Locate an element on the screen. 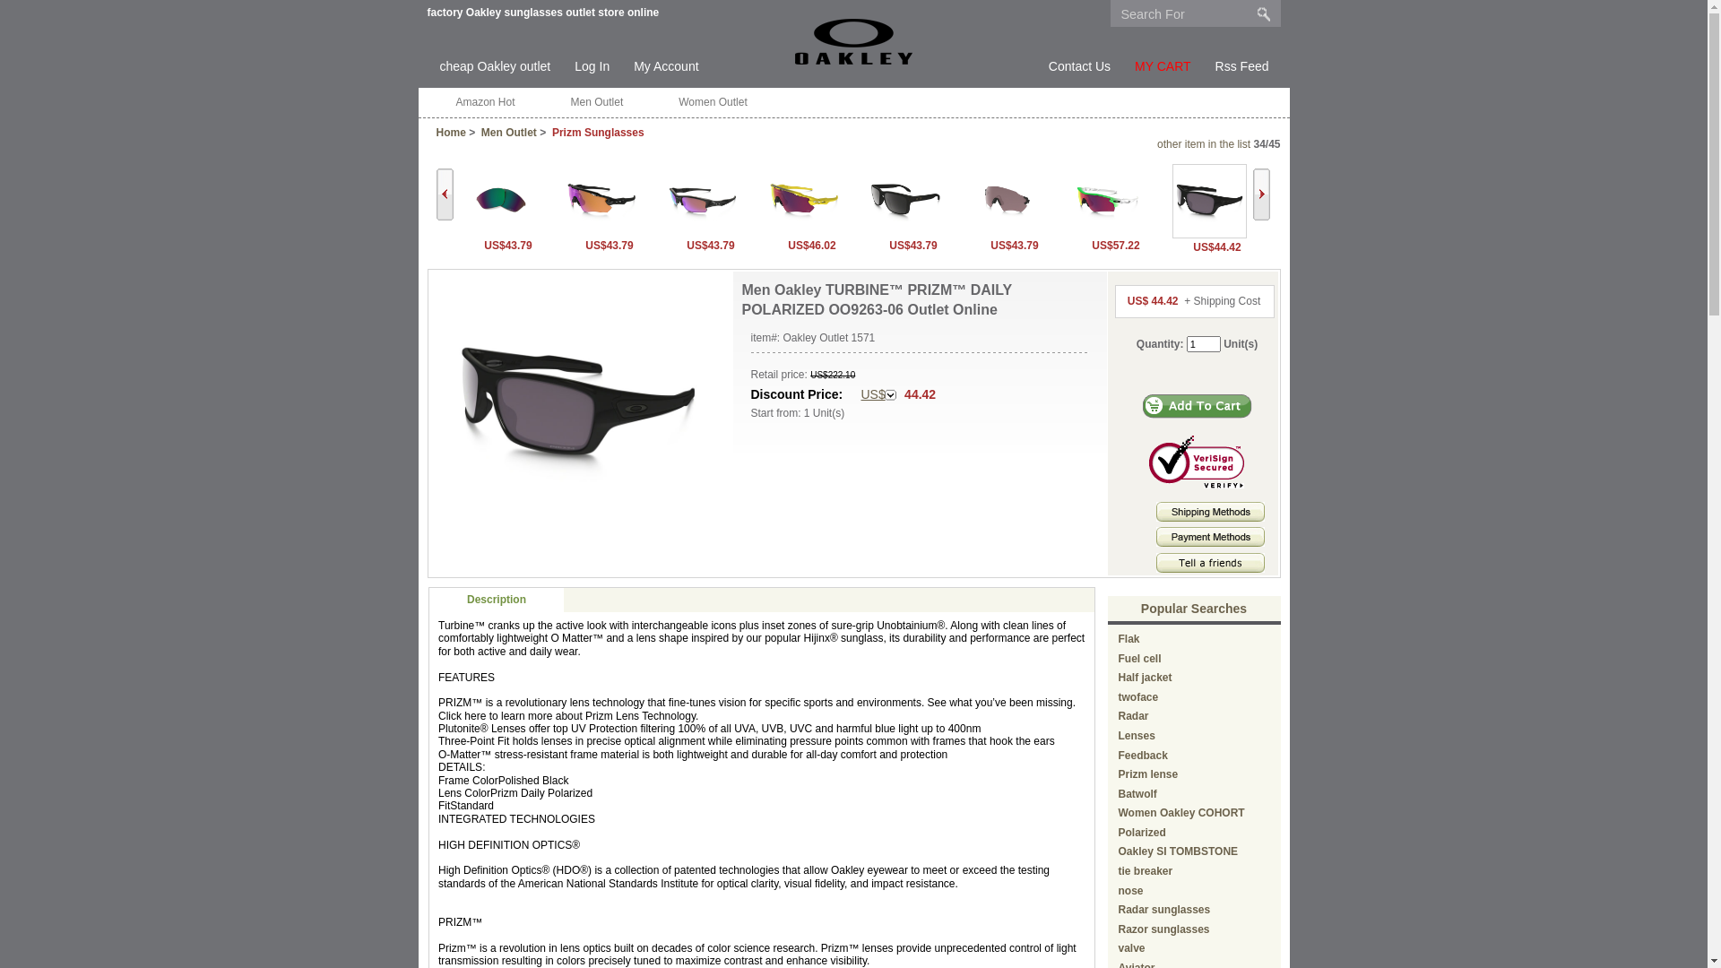 Image resolution: width=1721 pixels, height=968 pixels. 'Women Oakley COHORT' is located at coordinates (1181, 812).